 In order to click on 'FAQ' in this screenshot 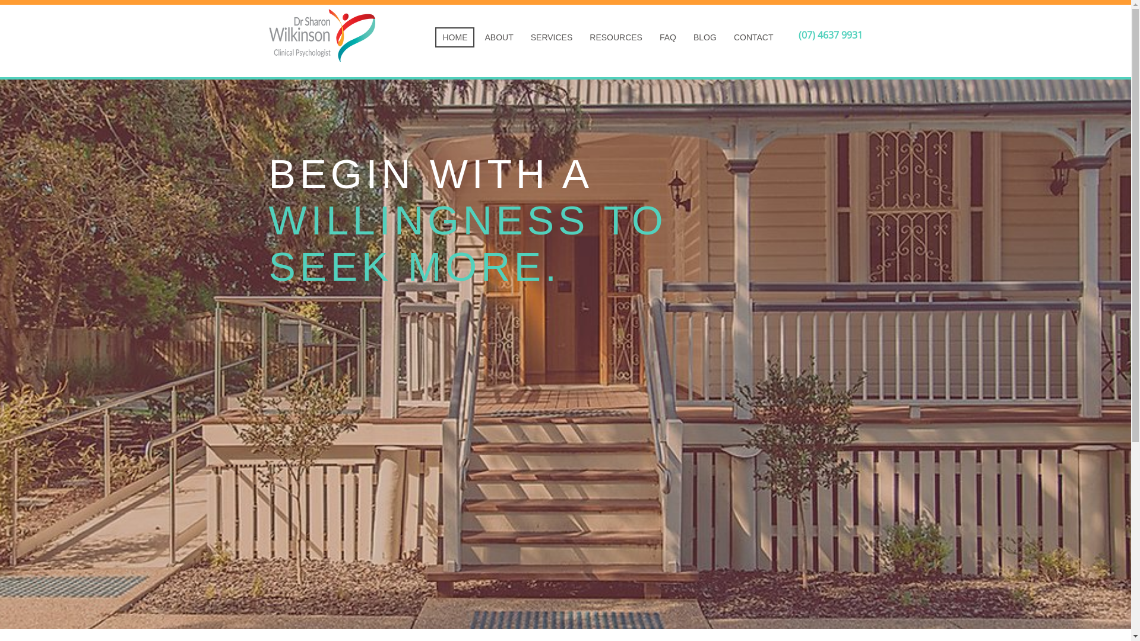, I will do `click(652, 36)`.